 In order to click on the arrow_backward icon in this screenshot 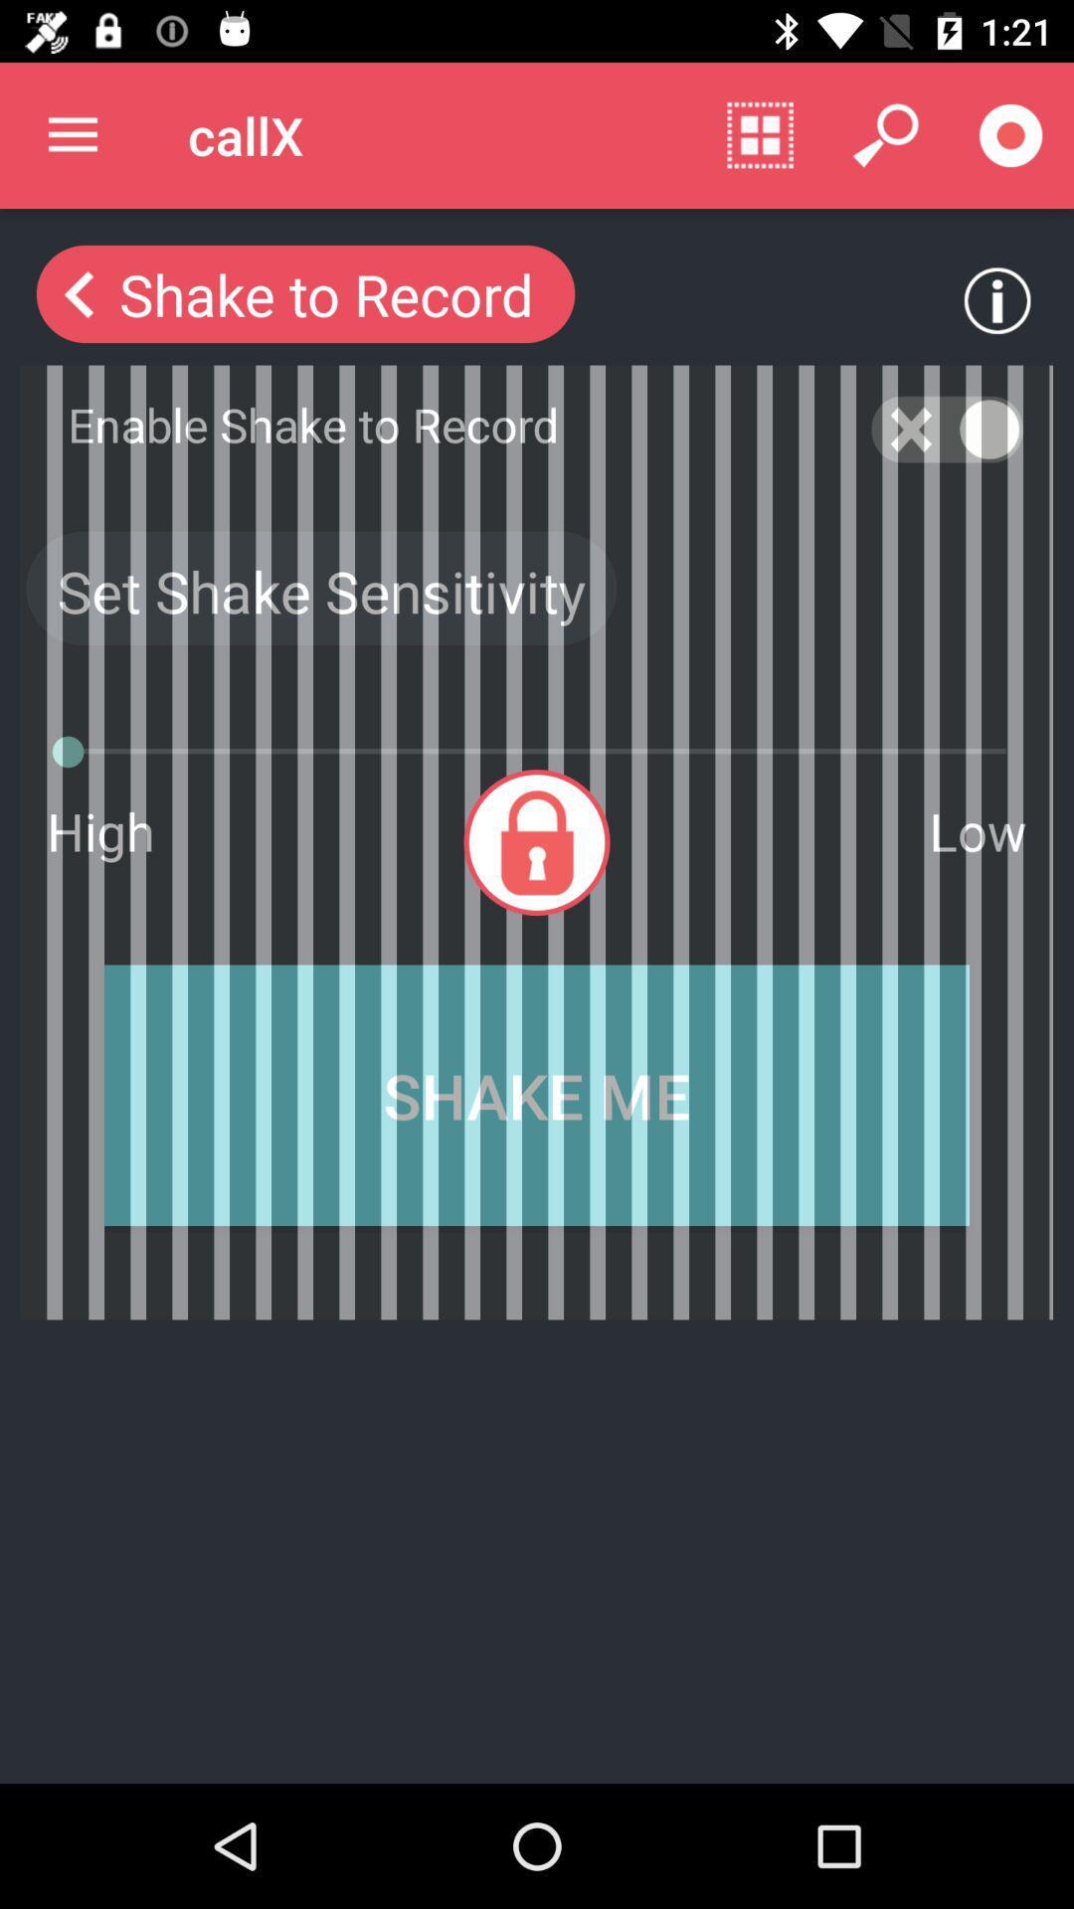, I will do `click(63, 270)`.